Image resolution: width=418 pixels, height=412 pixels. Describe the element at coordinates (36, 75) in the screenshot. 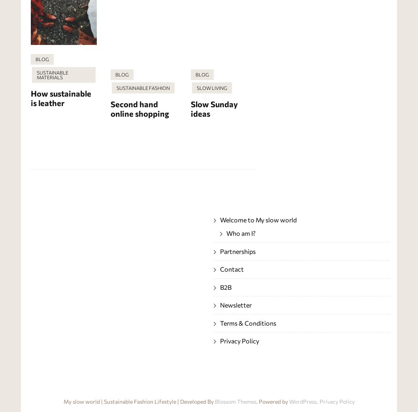

I see `'Sustainable materials'` at that location.